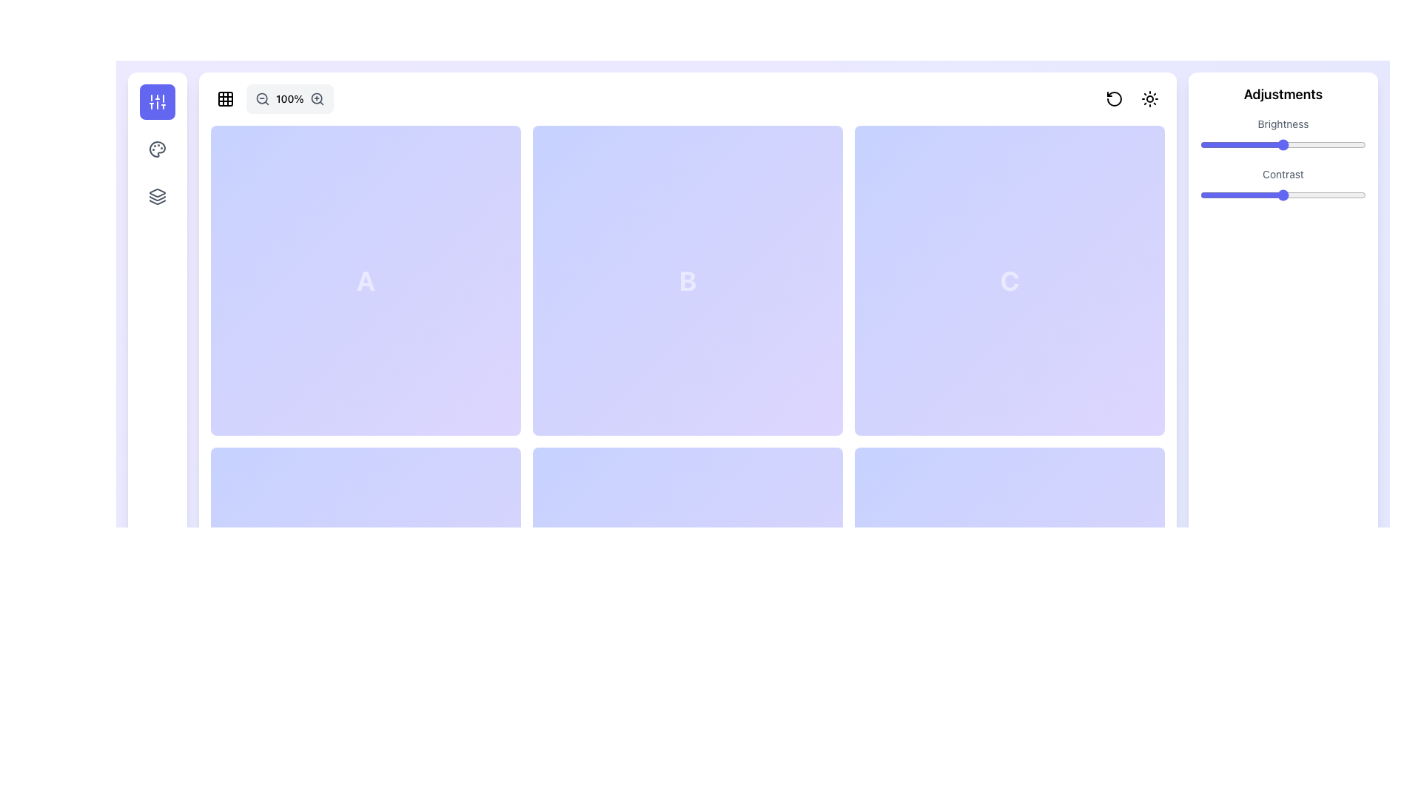 The image size is (1421, 799). I want to click on the vertical sliders icon located within the first button of the vertical toolbar, so click(157, 101).